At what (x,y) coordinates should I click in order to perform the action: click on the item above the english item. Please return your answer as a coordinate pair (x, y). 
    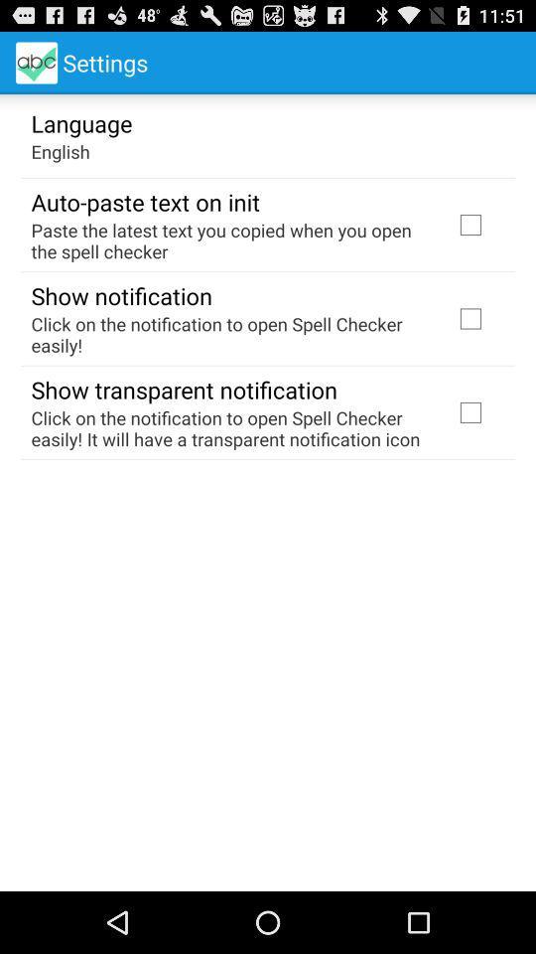
    Looking at the image, I should click on (80, 121).